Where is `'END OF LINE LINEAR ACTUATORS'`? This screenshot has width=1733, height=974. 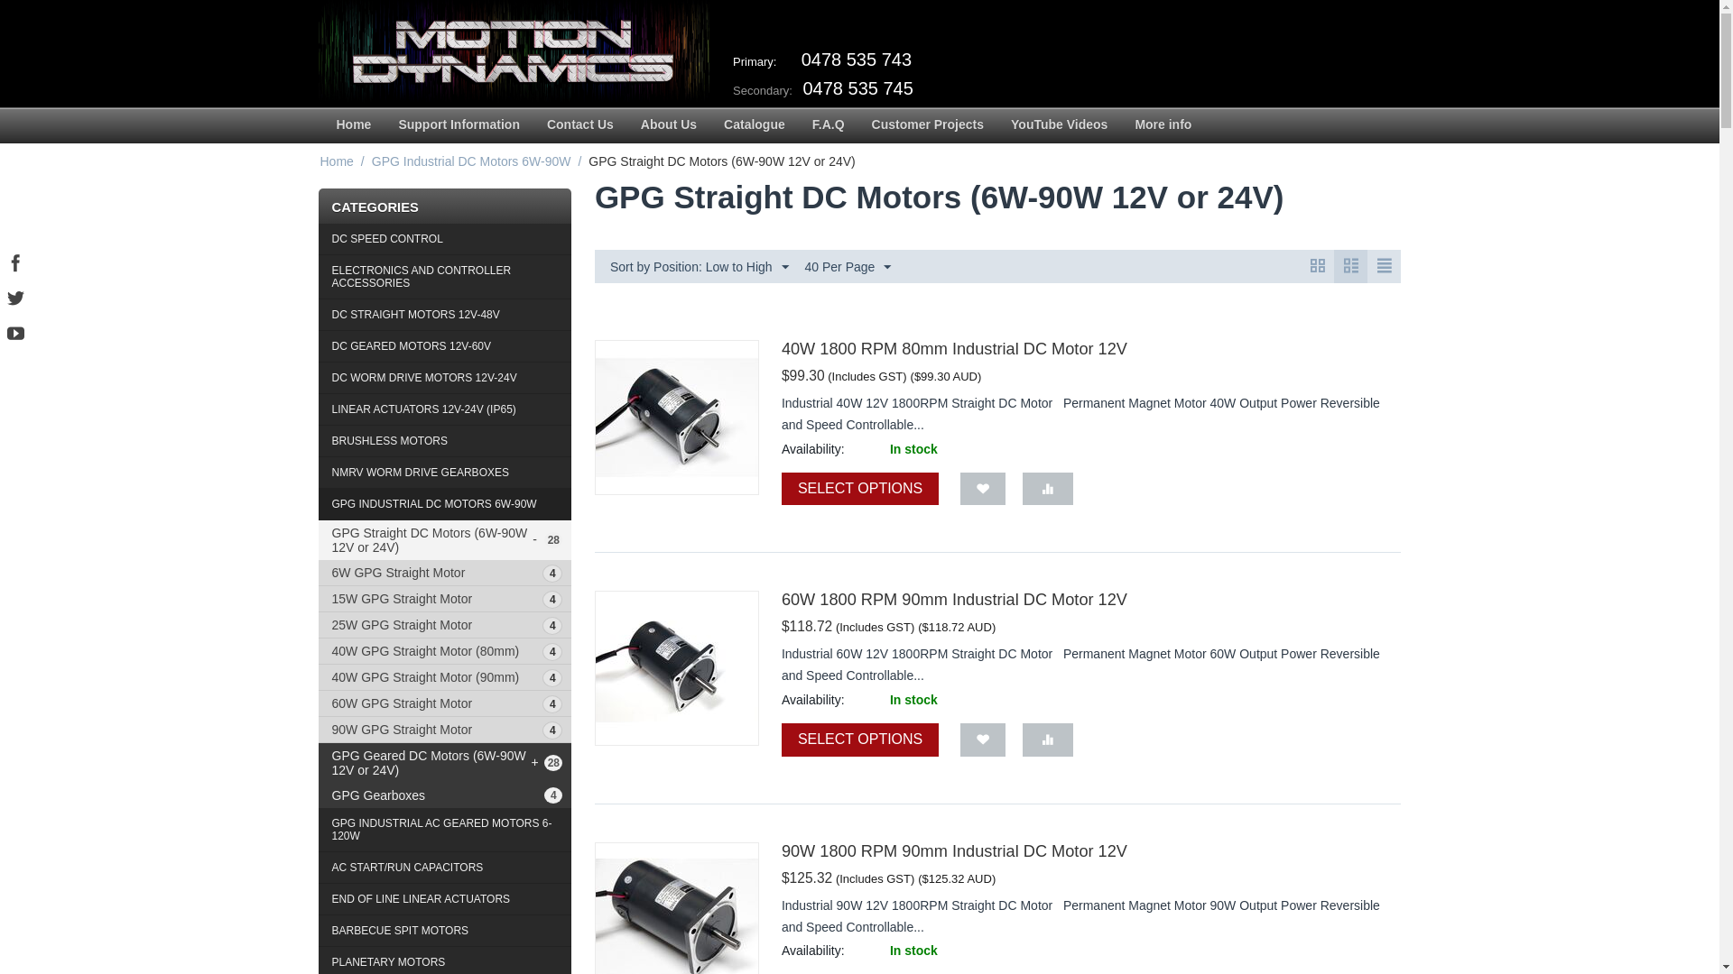
'END OF LINE LINEAR ACTUATORS' is located at coordinates (444, 899).